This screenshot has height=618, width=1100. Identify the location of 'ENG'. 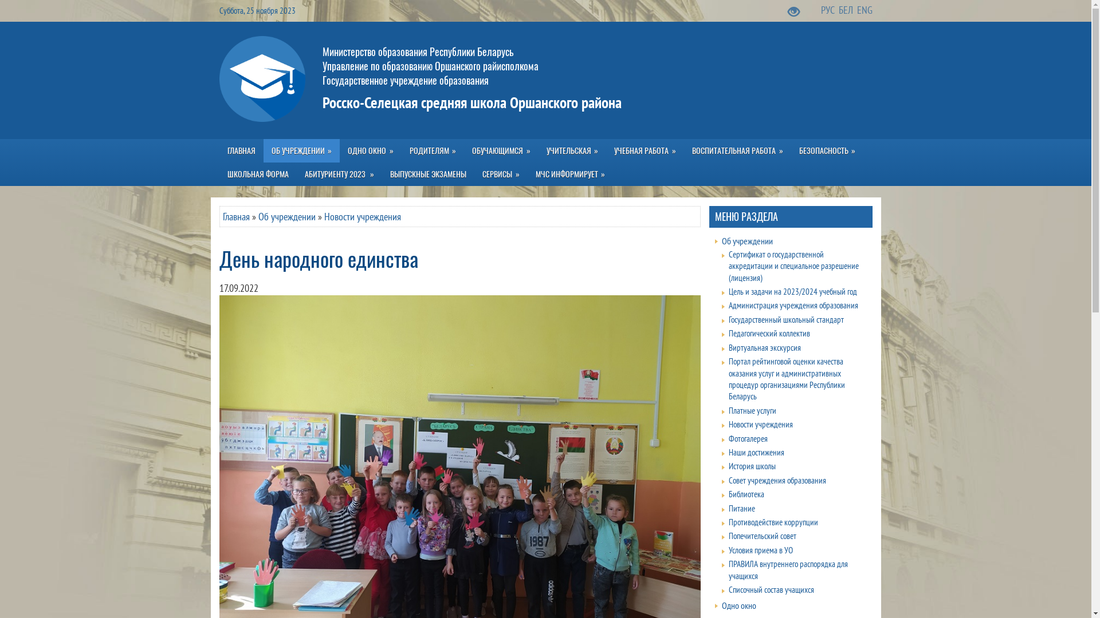
(865, 10).